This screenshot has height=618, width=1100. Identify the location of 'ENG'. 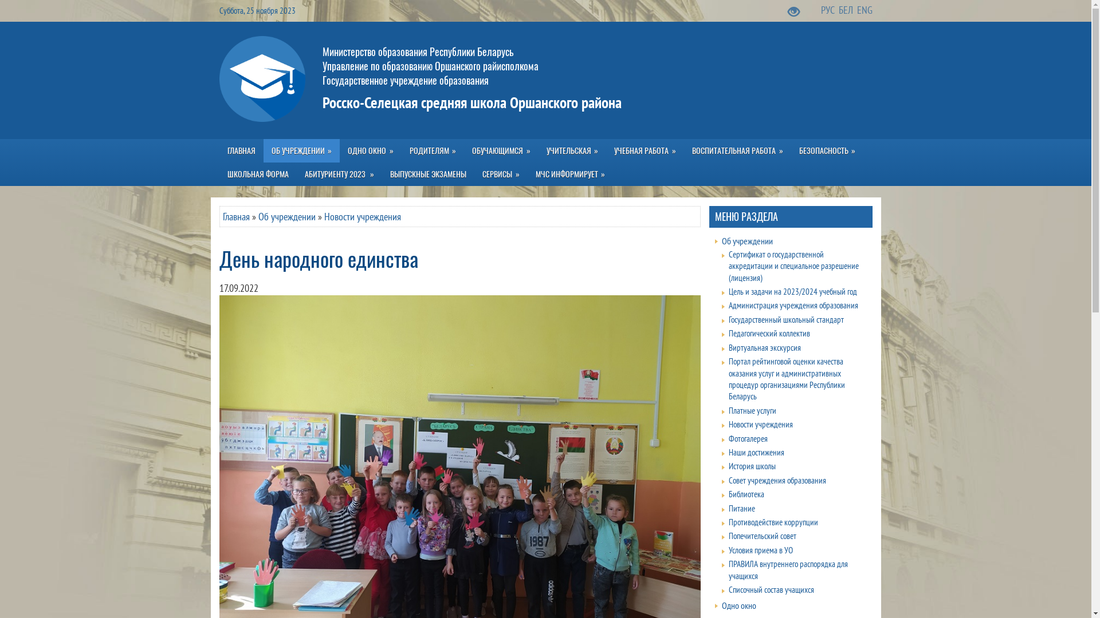
(865, 10).